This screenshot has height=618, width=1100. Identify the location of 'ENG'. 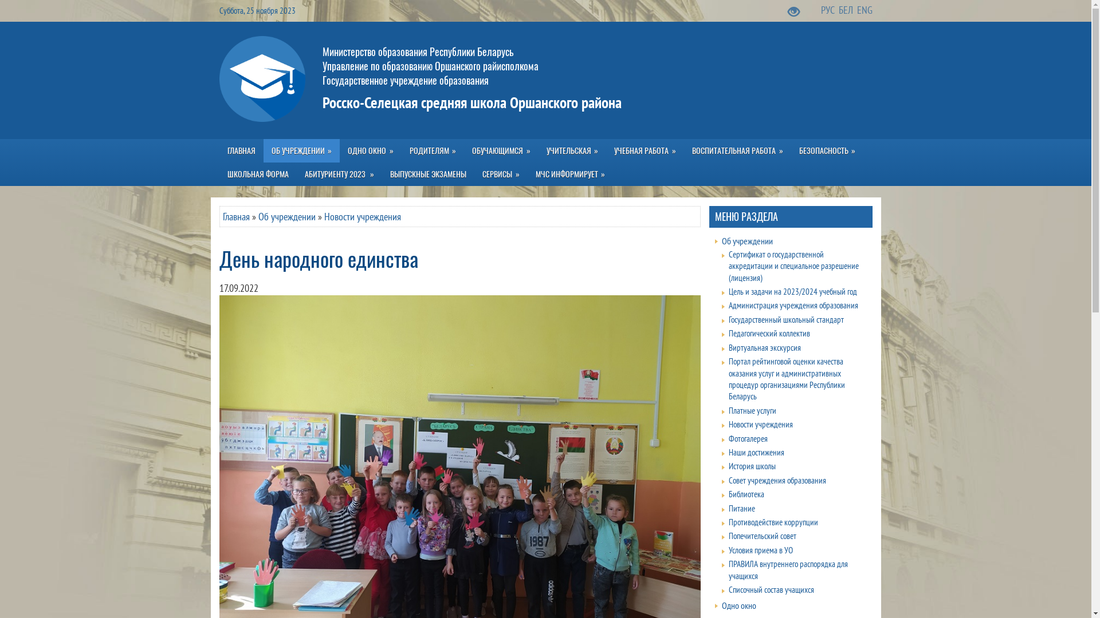
(865, 10).